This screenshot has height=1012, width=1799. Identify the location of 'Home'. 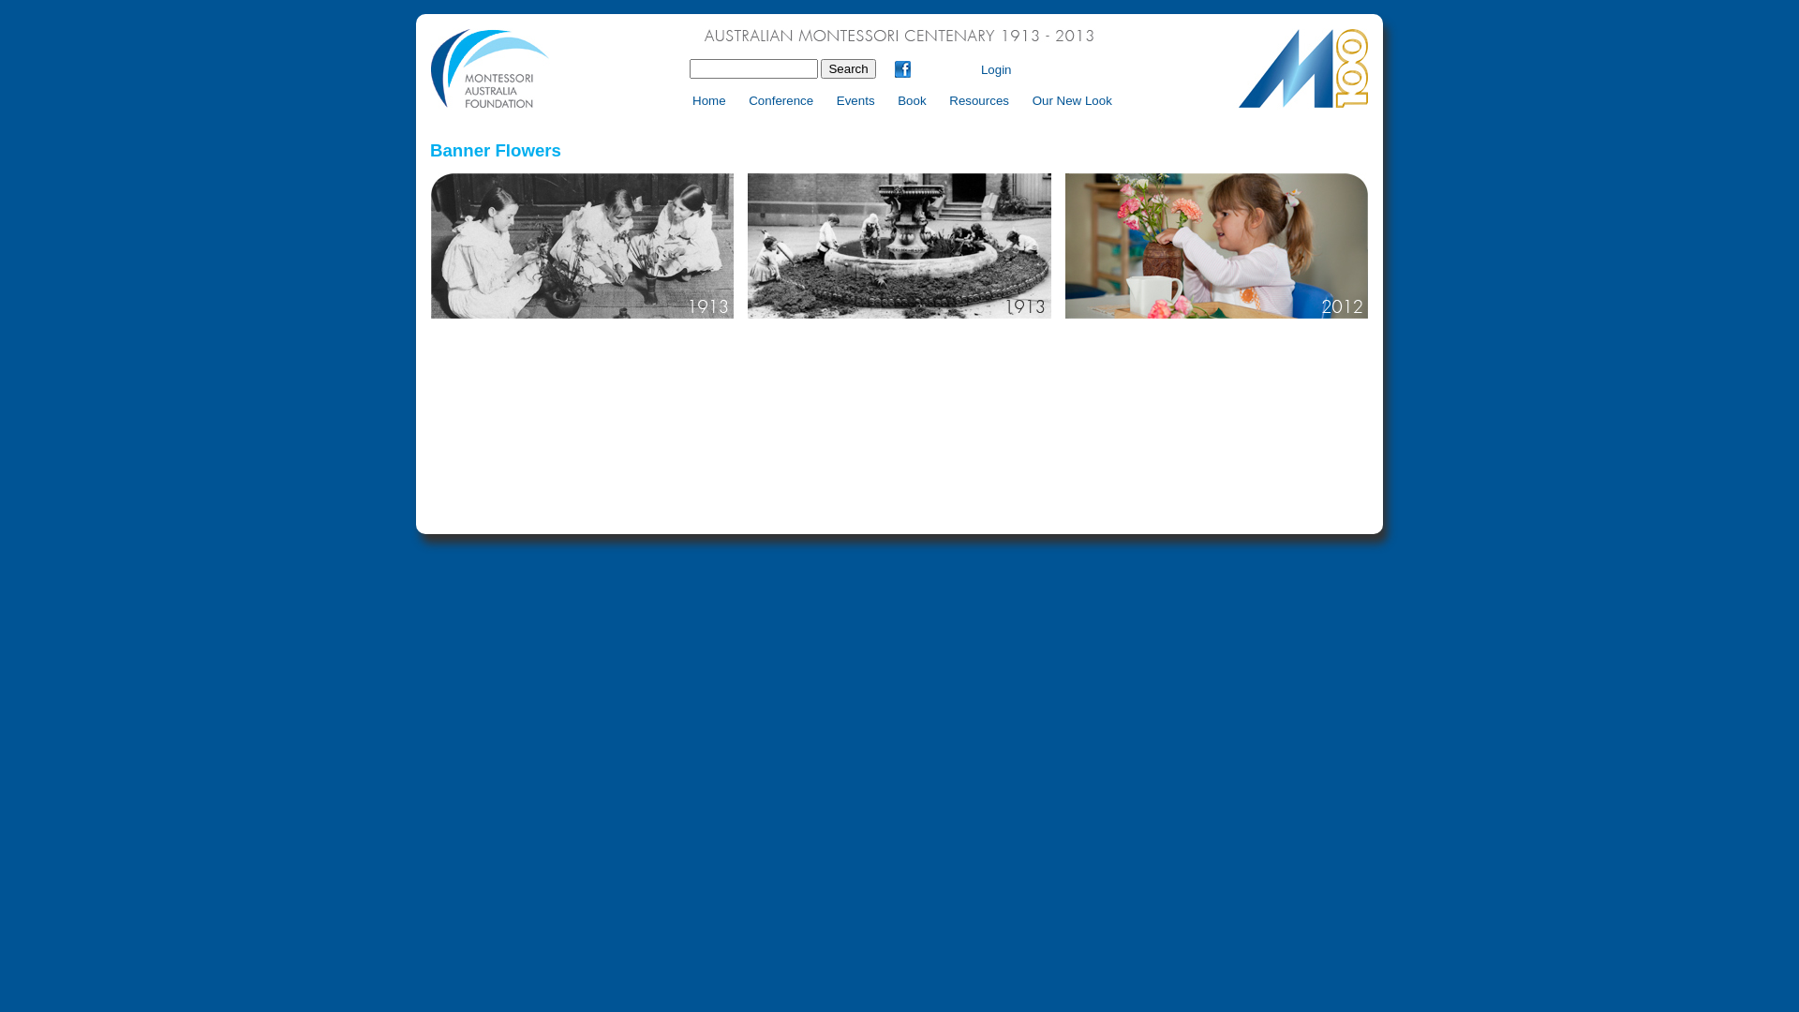
(682, 100).